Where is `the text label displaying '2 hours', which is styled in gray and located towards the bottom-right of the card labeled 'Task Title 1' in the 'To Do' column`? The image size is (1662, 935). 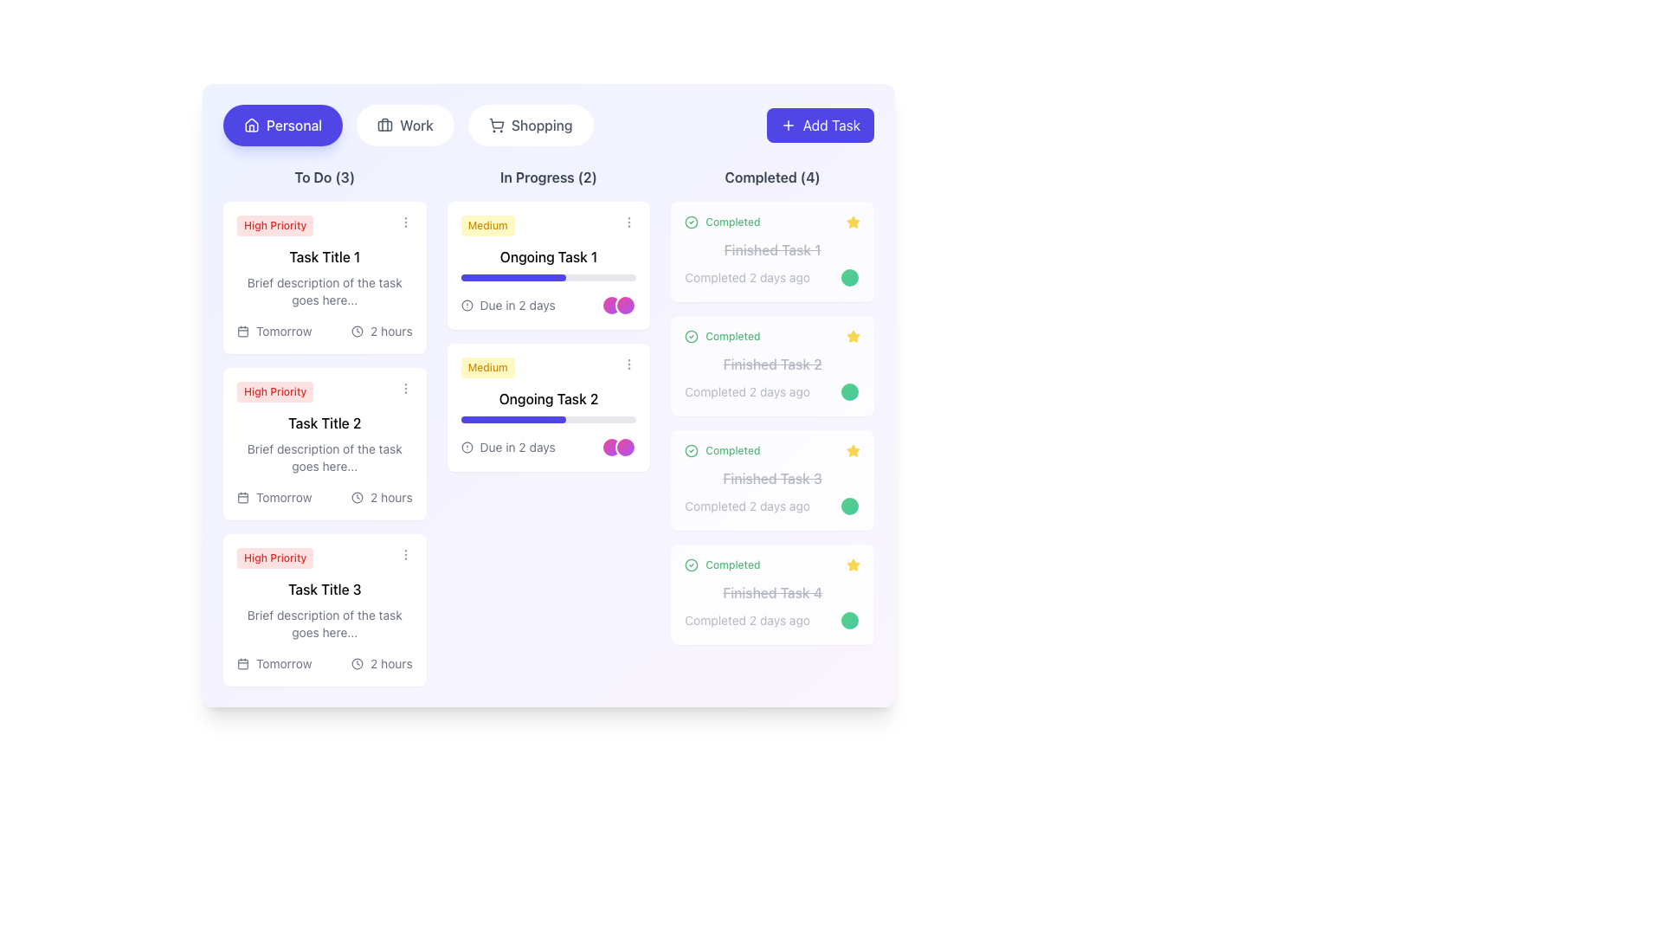 the text label displaying '2 hours', which is styled in gray and located towards the bottom-right of the card labeled 'Task Title 1' in the 'To Do' column is located at coordinates (390, 331).